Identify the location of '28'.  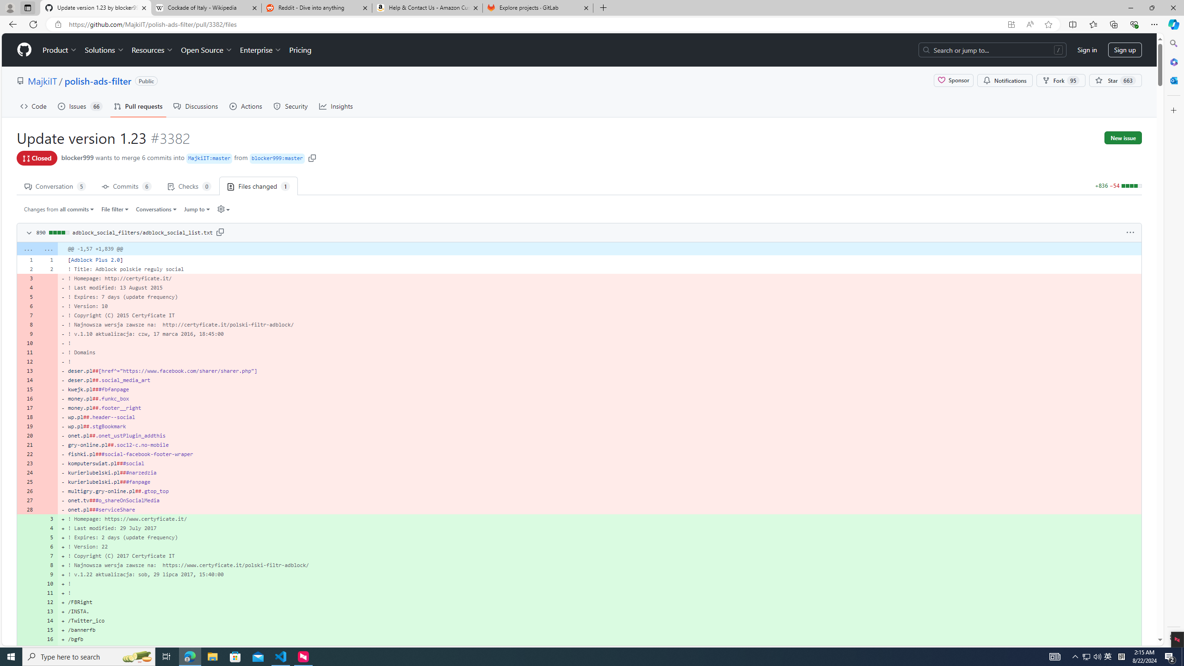
(26, 509).